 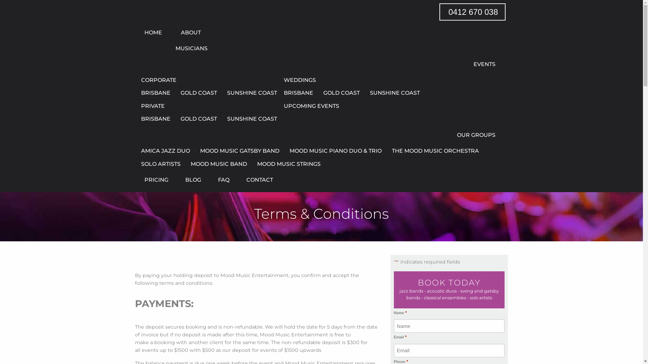 What do you see at coordinates (256, 179) in the screenshot?
I see `'CONTACT'` at bounding box center [256, 179].